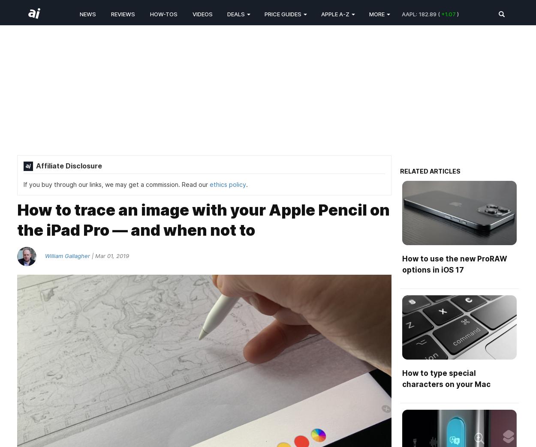  Describe the element at coordinates (117, 184) in the screenshot. I see `'If you buy through our links, we may get a commission. Read our'` at that location.